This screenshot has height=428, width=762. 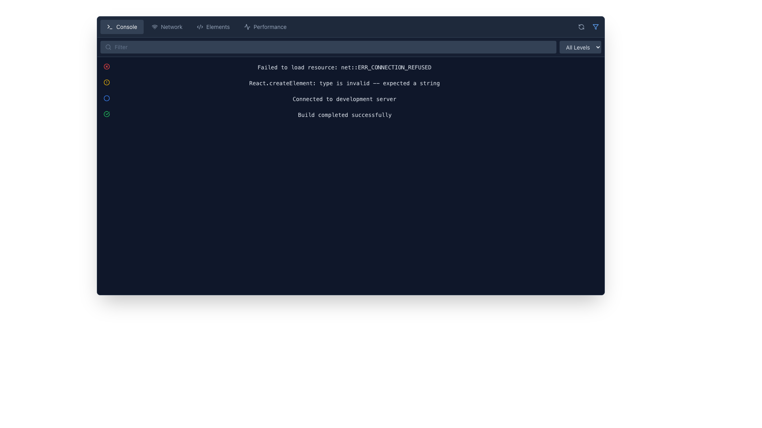 I want to click on error message icon displaying 'Failed to load resource: net::ERR_CONNECTION_REFUSED' located at the top of the vertical list of error messages, so click(x=350, y=67).